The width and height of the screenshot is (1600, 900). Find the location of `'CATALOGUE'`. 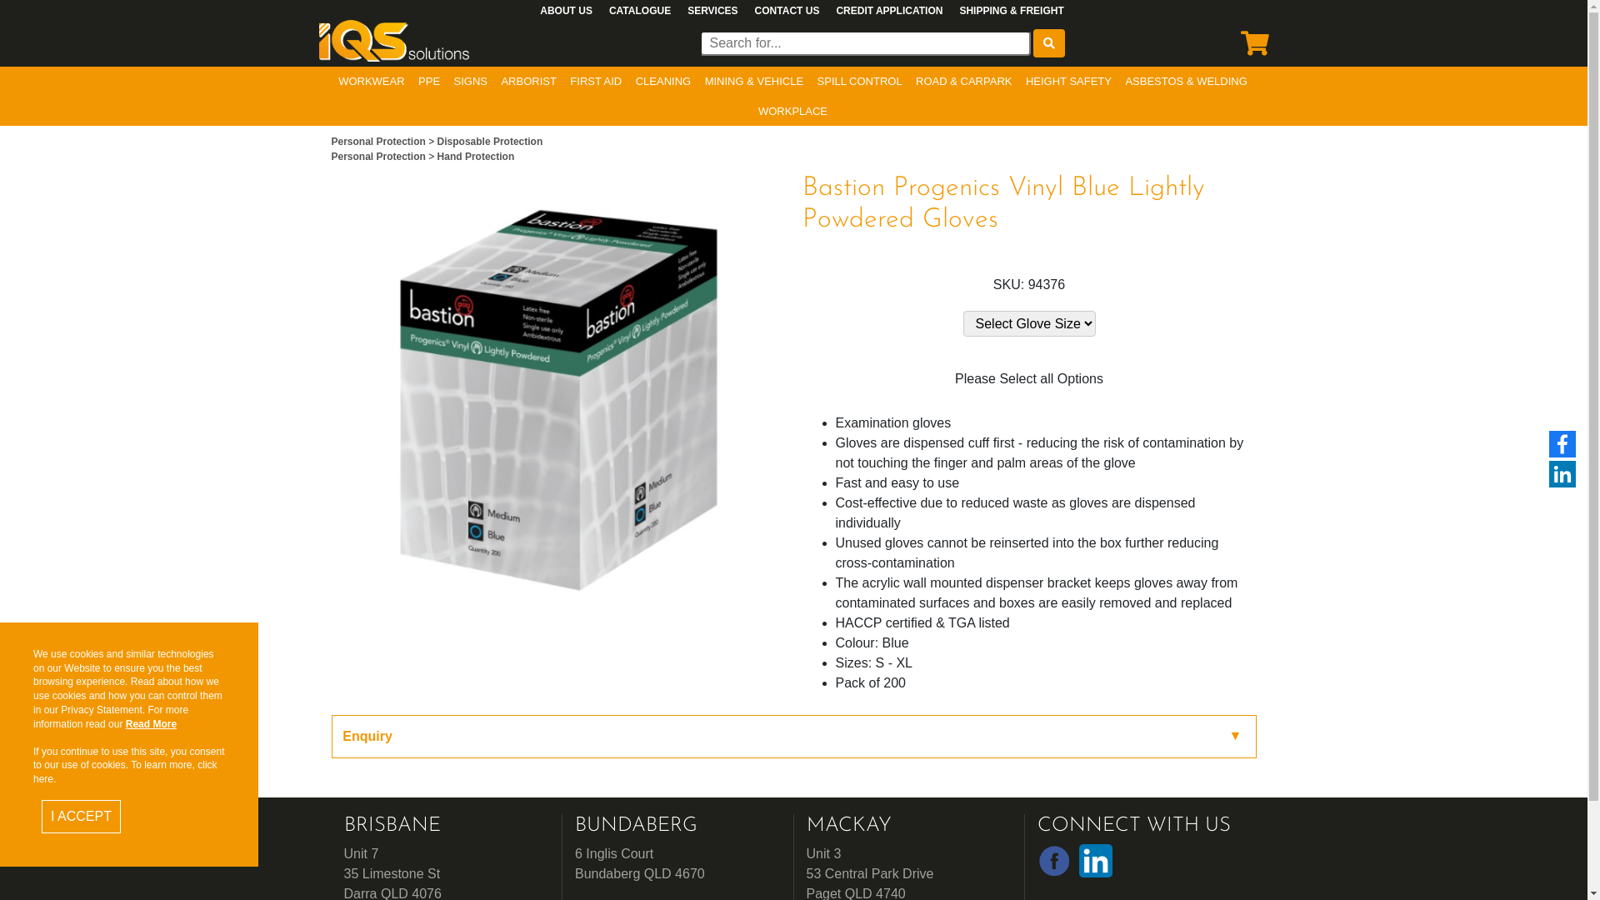

'CATALOGUE' is located at coordinates (639, 10).